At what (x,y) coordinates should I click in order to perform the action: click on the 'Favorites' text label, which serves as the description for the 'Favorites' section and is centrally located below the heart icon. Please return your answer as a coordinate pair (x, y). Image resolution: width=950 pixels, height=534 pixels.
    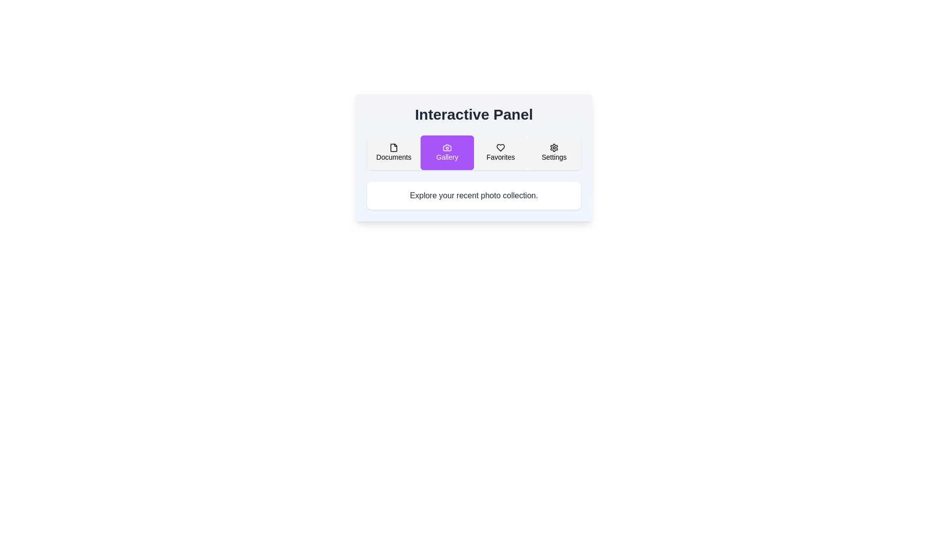
    Looking at the image, I should click on (501, 156).